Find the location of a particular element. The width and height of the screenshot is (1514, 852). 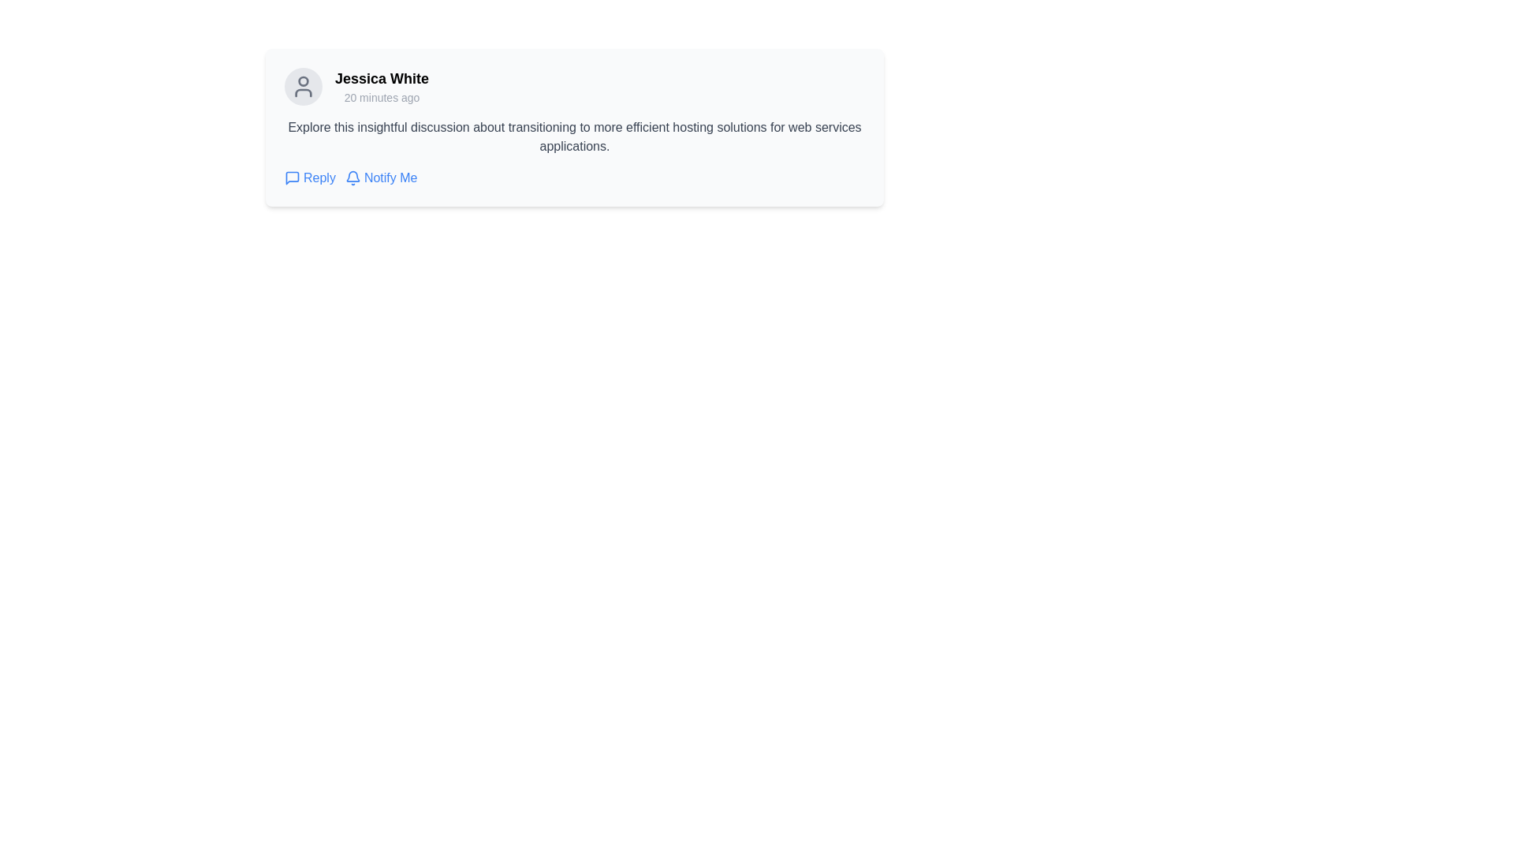

the notification bell icon, which is styled with a stroke outline and a small indentation at the bottom, located at the lower-right corner of the main content card, adjacent to the 'Notify Me' label is located at coordinates (352, 177).